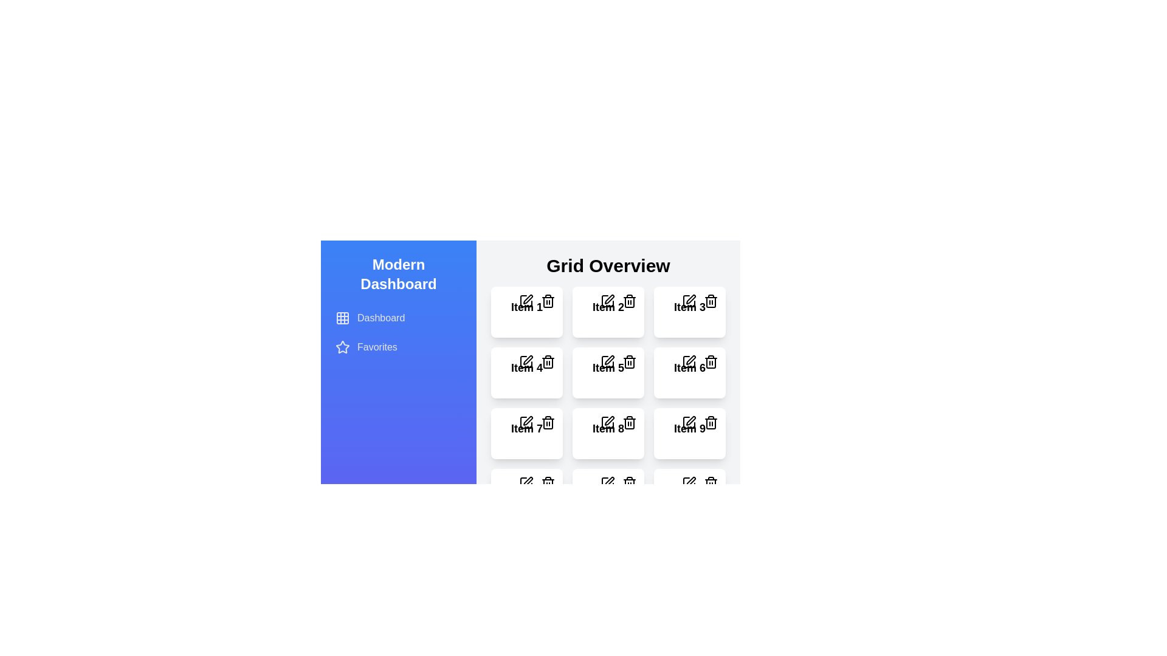 The height and width of the screenshot is (656, 1167). What do you see at coordinates (399, 318) in the screenshot?
I see `the Dashboard link in the sidebar to navigate` at bounding box center [399, 318].